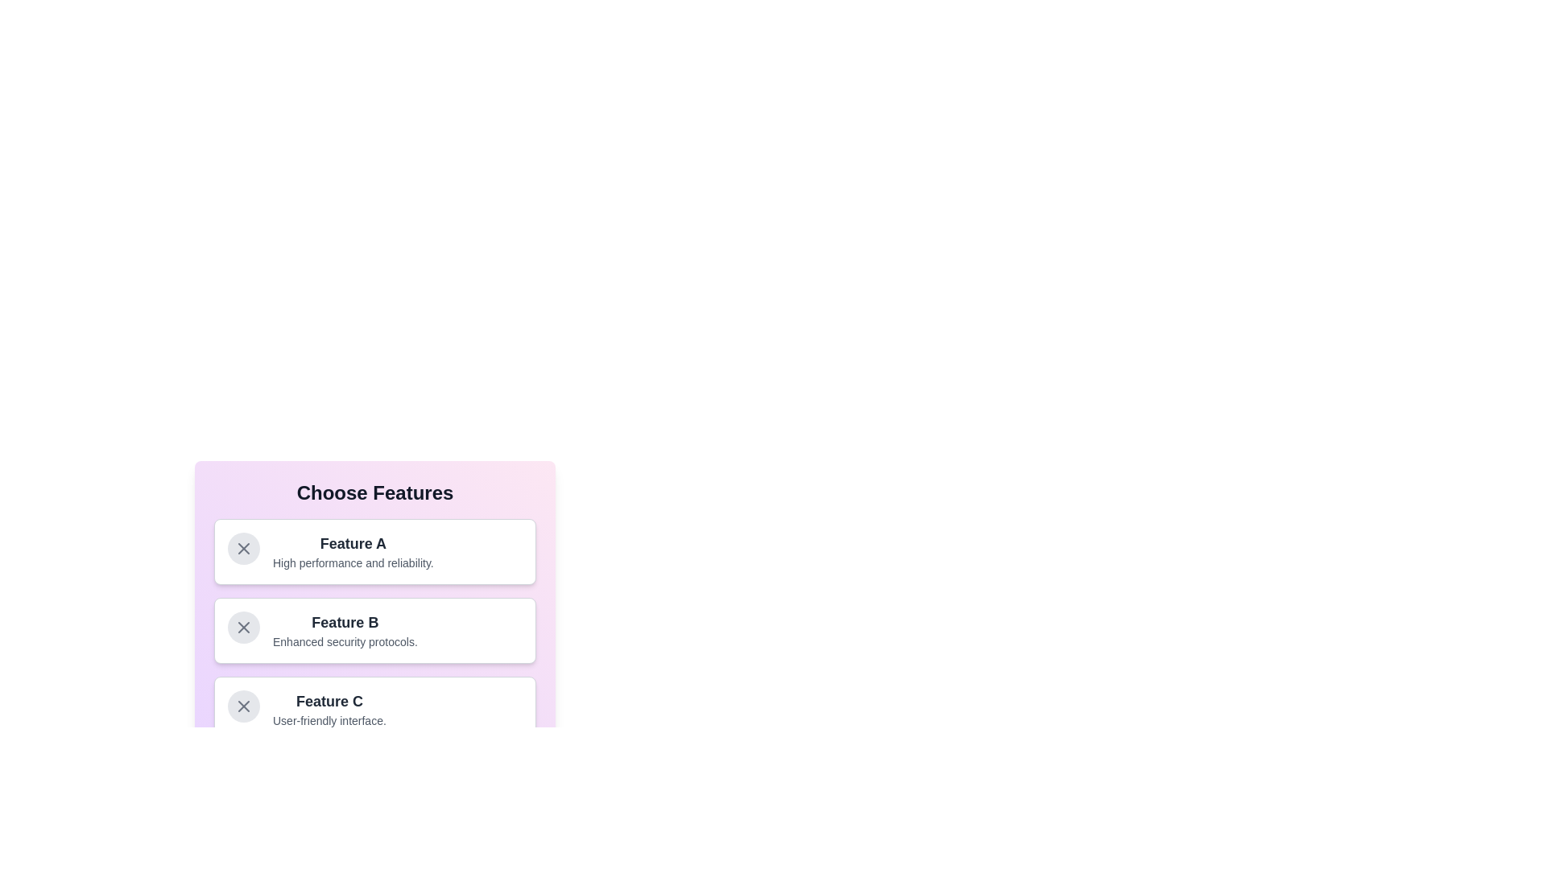 The image size is (1546, 869). Describe the element at coordinates (344, 629) in the screenshot. I see `the text description of Feature B, which is located in the second selectable feature box` at that location.